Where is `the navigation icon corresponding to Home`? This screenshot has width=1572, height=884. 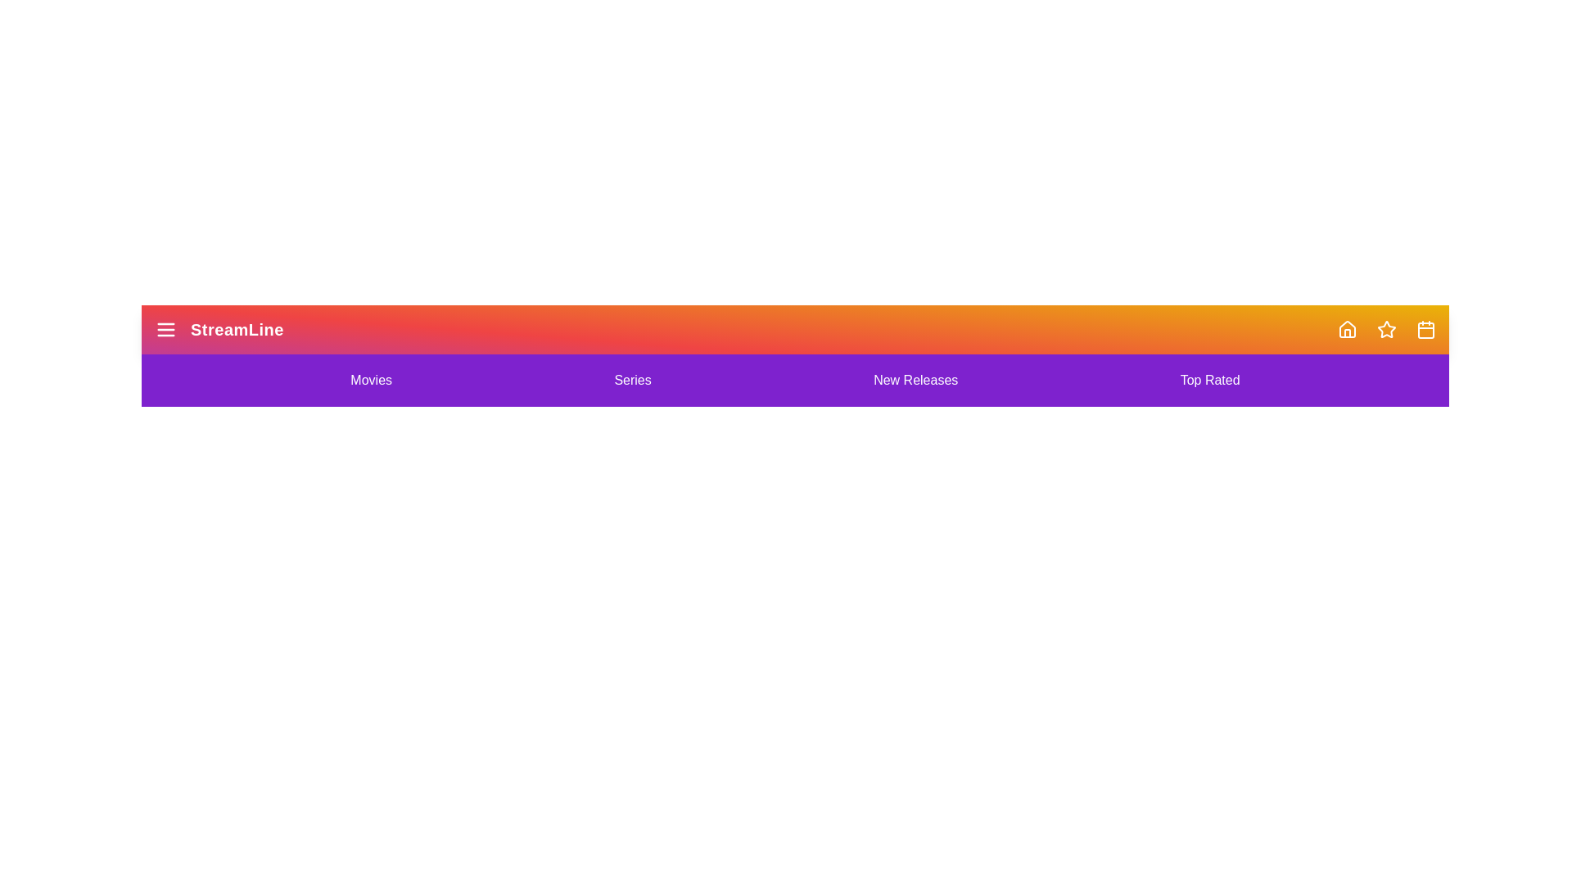
the navigation icon corresponding to Home is located at coordinates (1348, 329).